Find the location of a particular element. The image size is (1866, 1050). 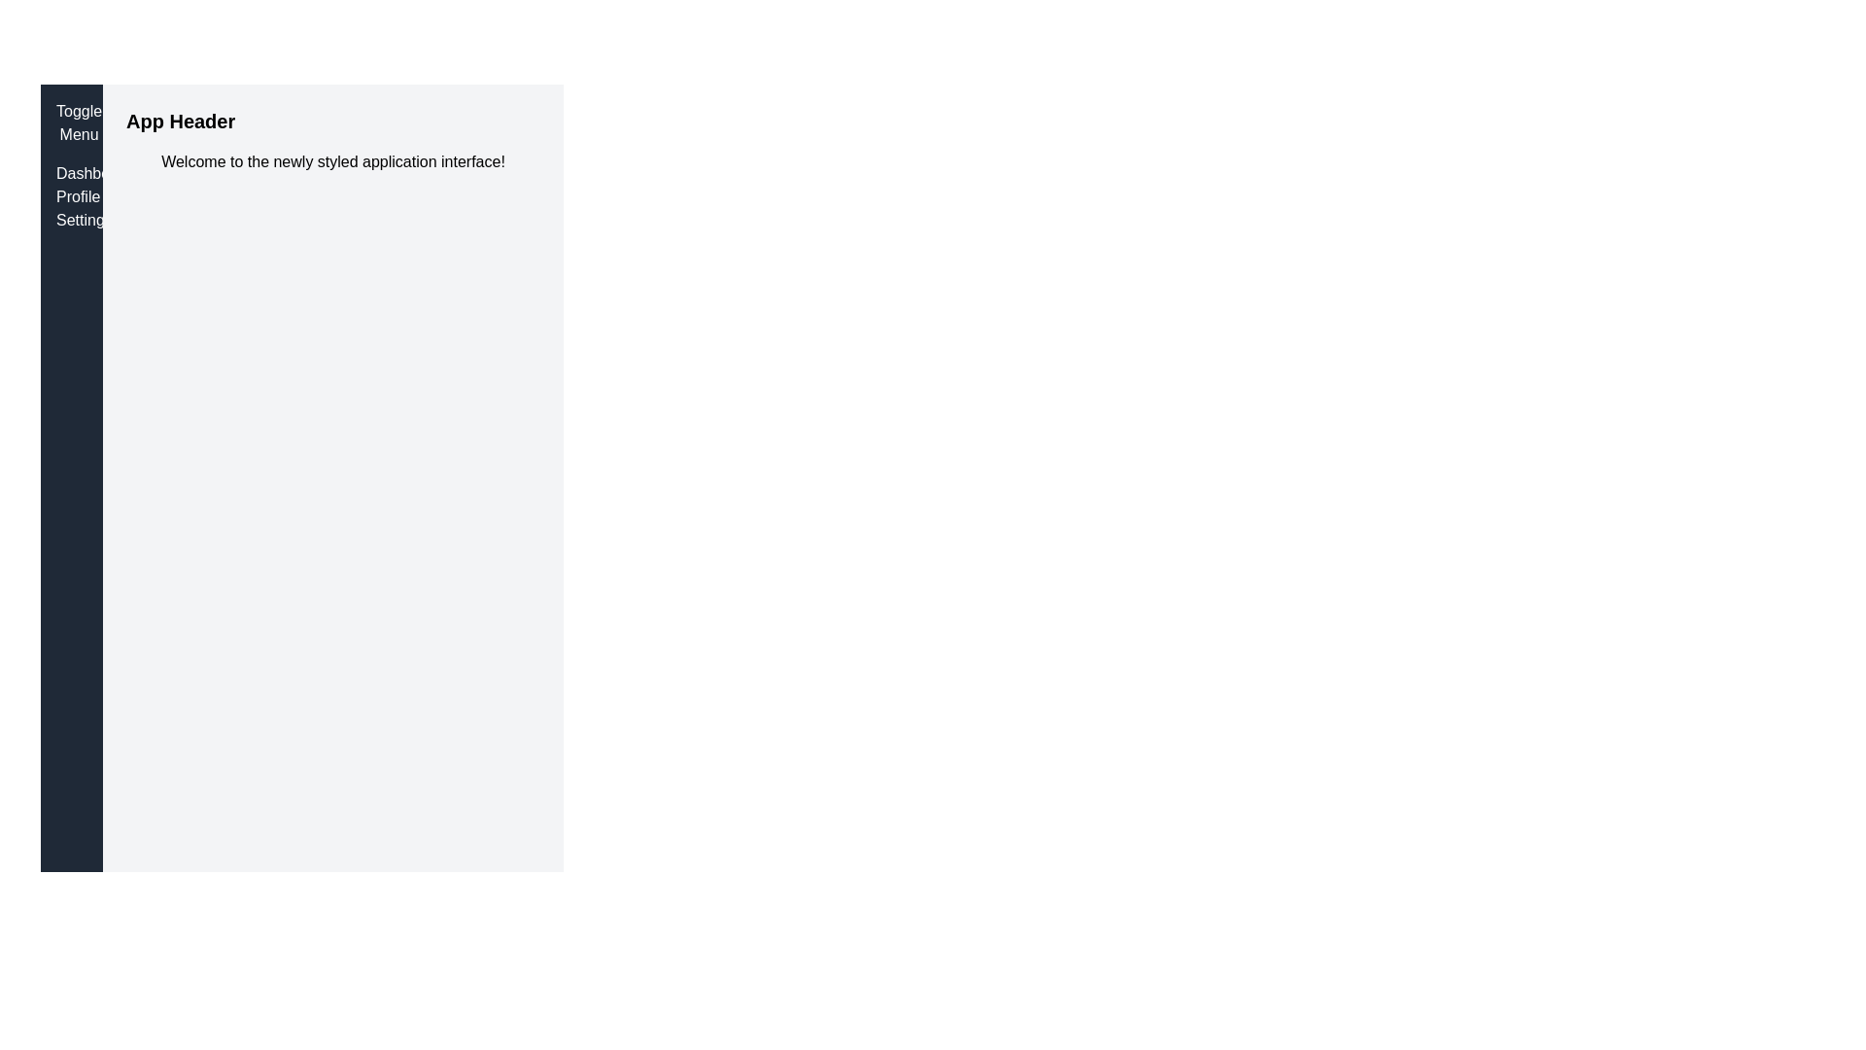

the static text block displaying 'Welcome to the newly styled application interface!', which is located below the 'App Header' is located at coordinates (332, 160).